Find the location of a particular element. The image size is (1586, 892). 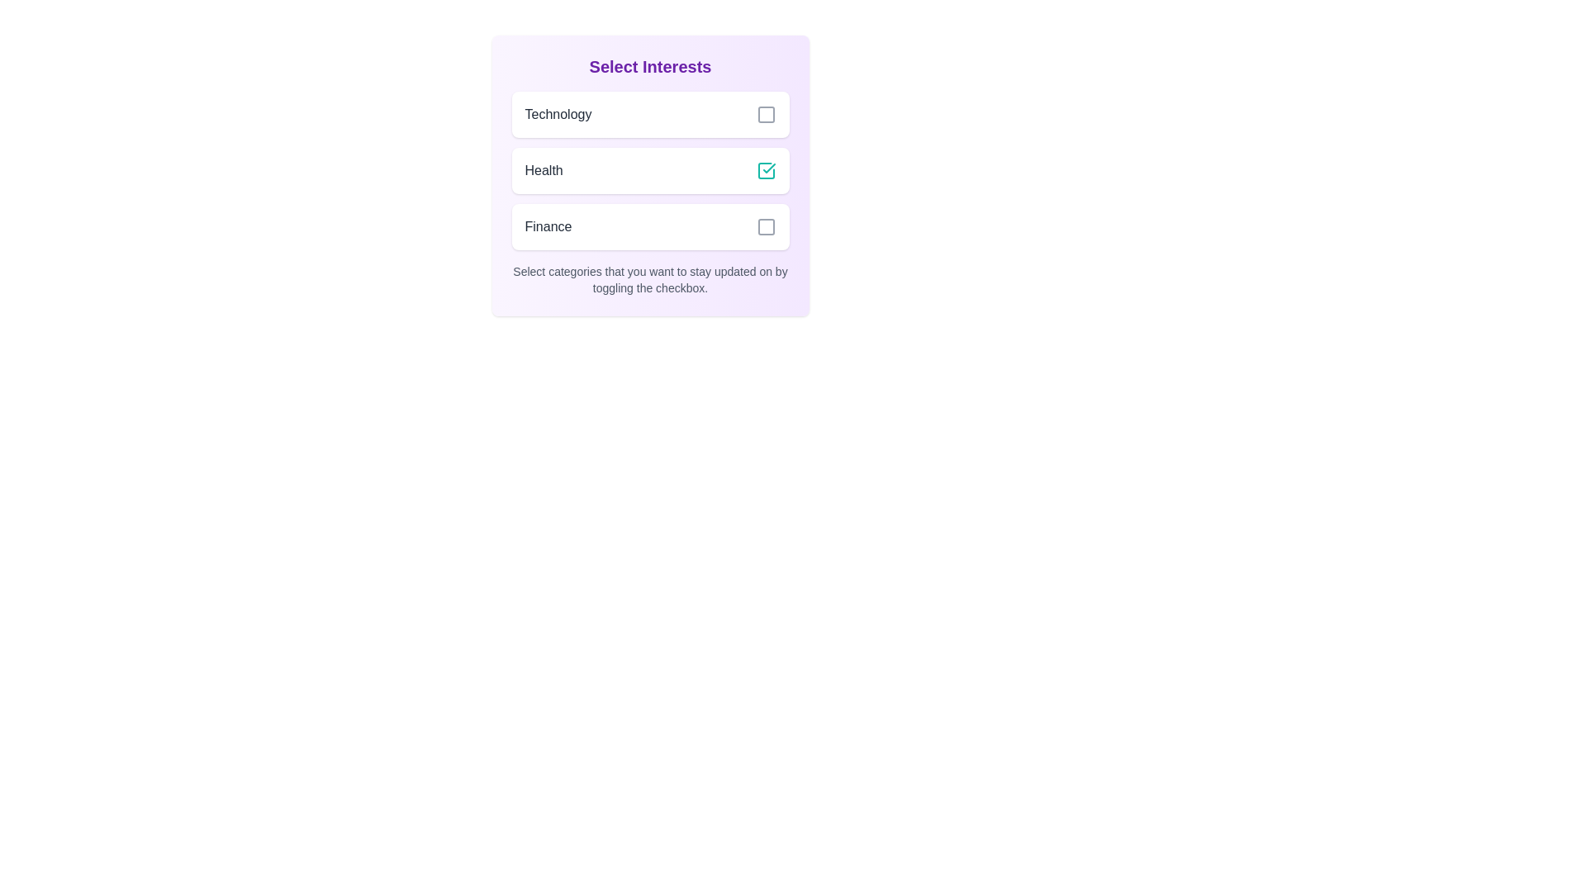

the category Finance by clicking its checkbox icon is located at coordinates (765, 226).